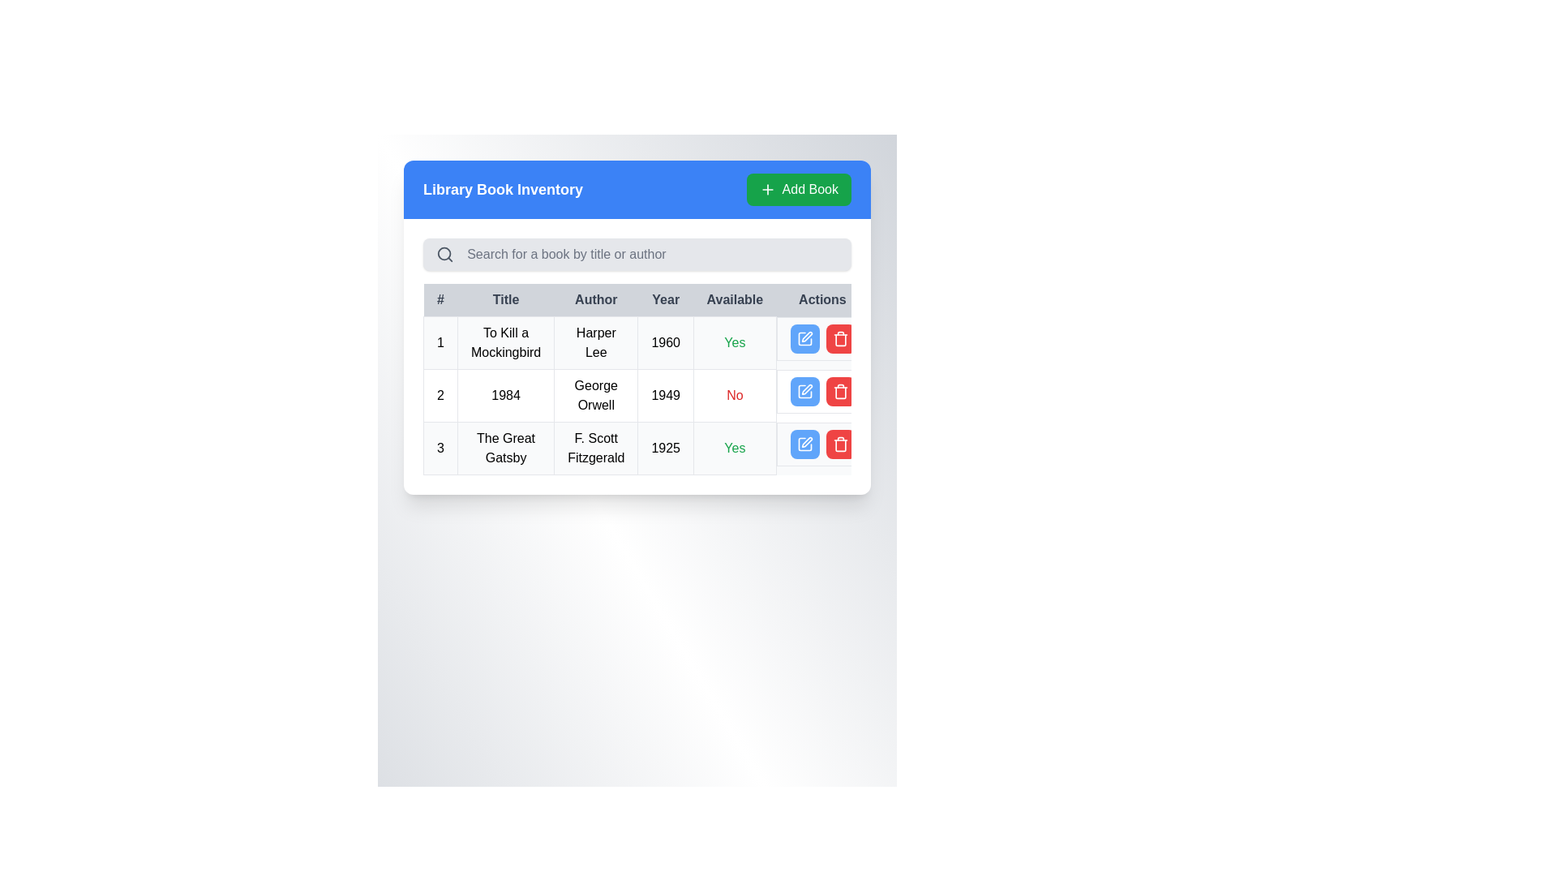 This screenshot has height=876, width=1557. What do you see at coordinates (804, 337) in the screenshot?
I see `the edit button in the 'Actions' column of the first row in the table` at bounding box center [804, 337].